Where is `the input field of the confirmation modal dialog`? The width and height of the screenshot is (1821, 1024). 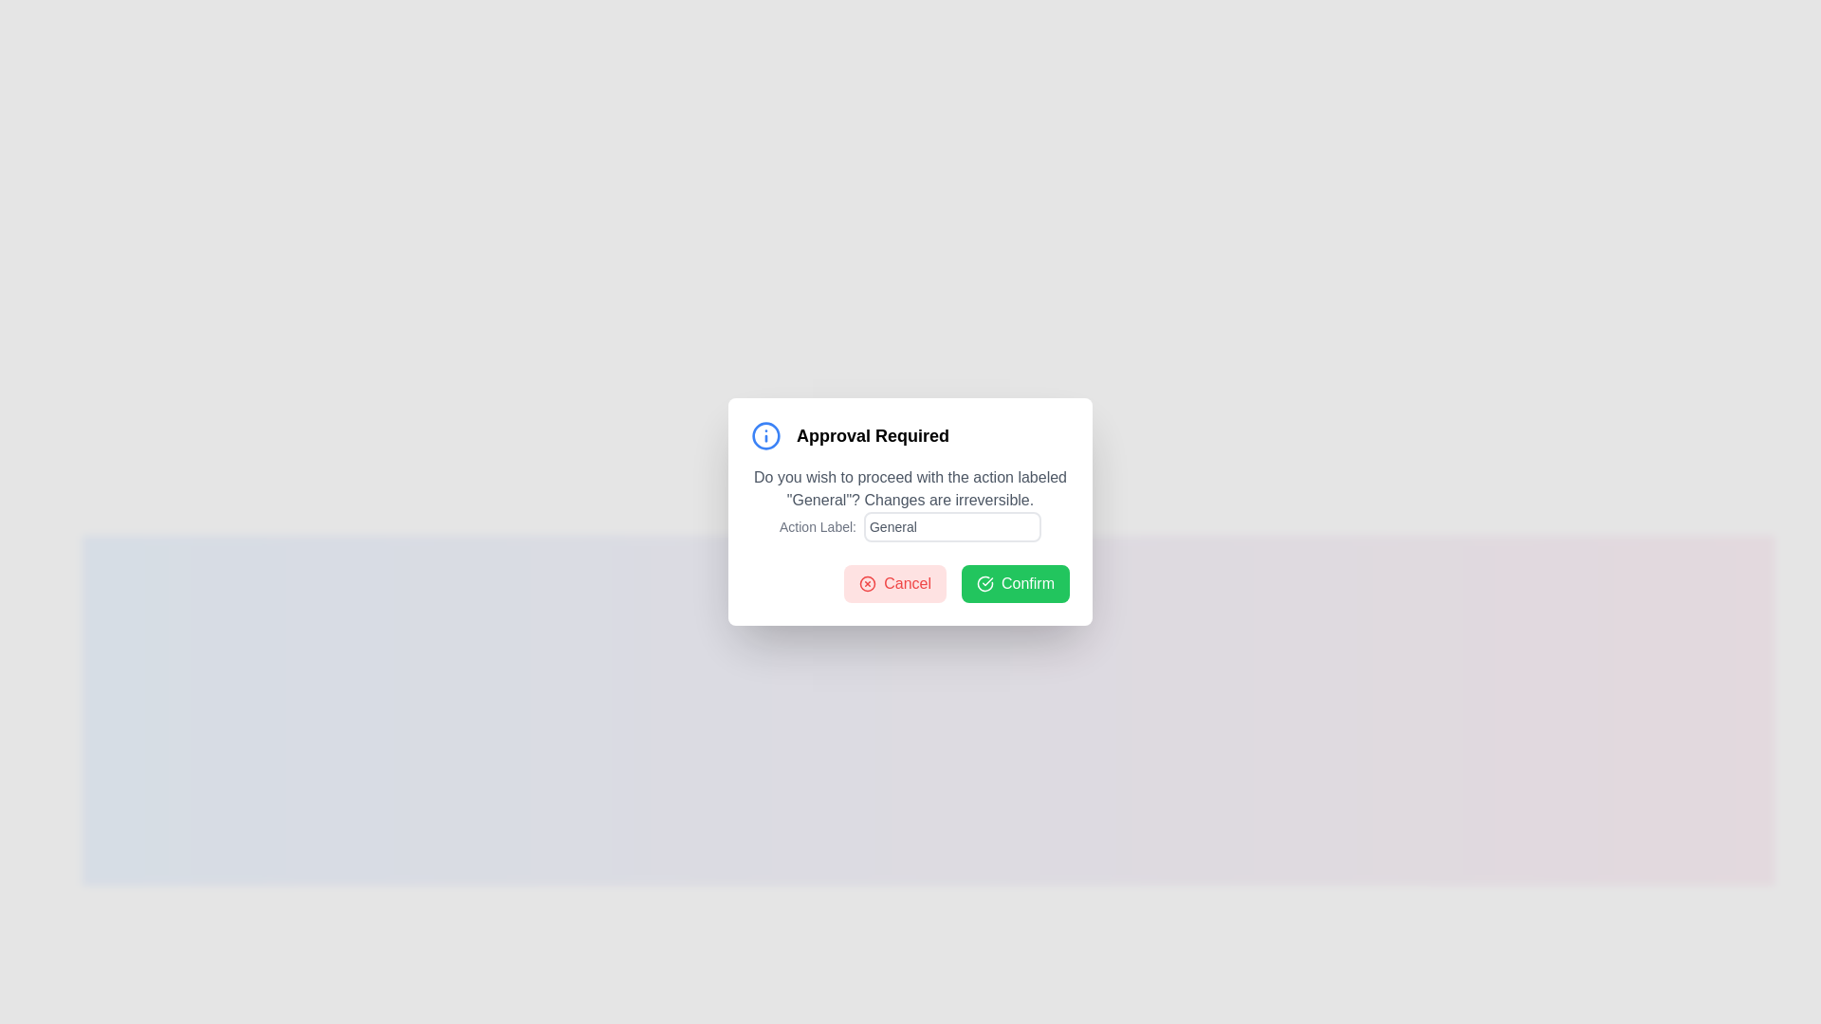
the input field of the confirmation modal dialog is located at coordinates (910, 512).